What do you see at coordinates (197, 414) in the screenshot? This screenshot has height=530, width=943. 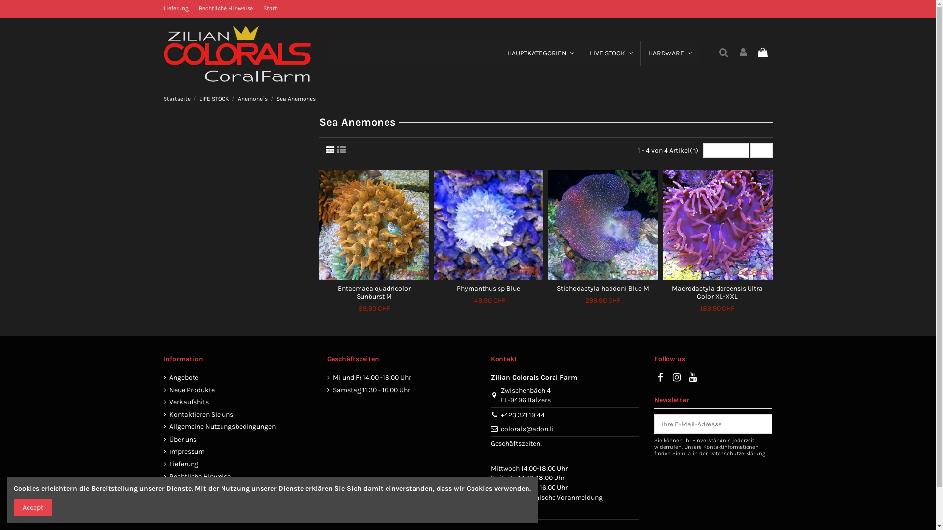 I see `'Kontaktieren Sie uns'` at bounding box center [197, 414].